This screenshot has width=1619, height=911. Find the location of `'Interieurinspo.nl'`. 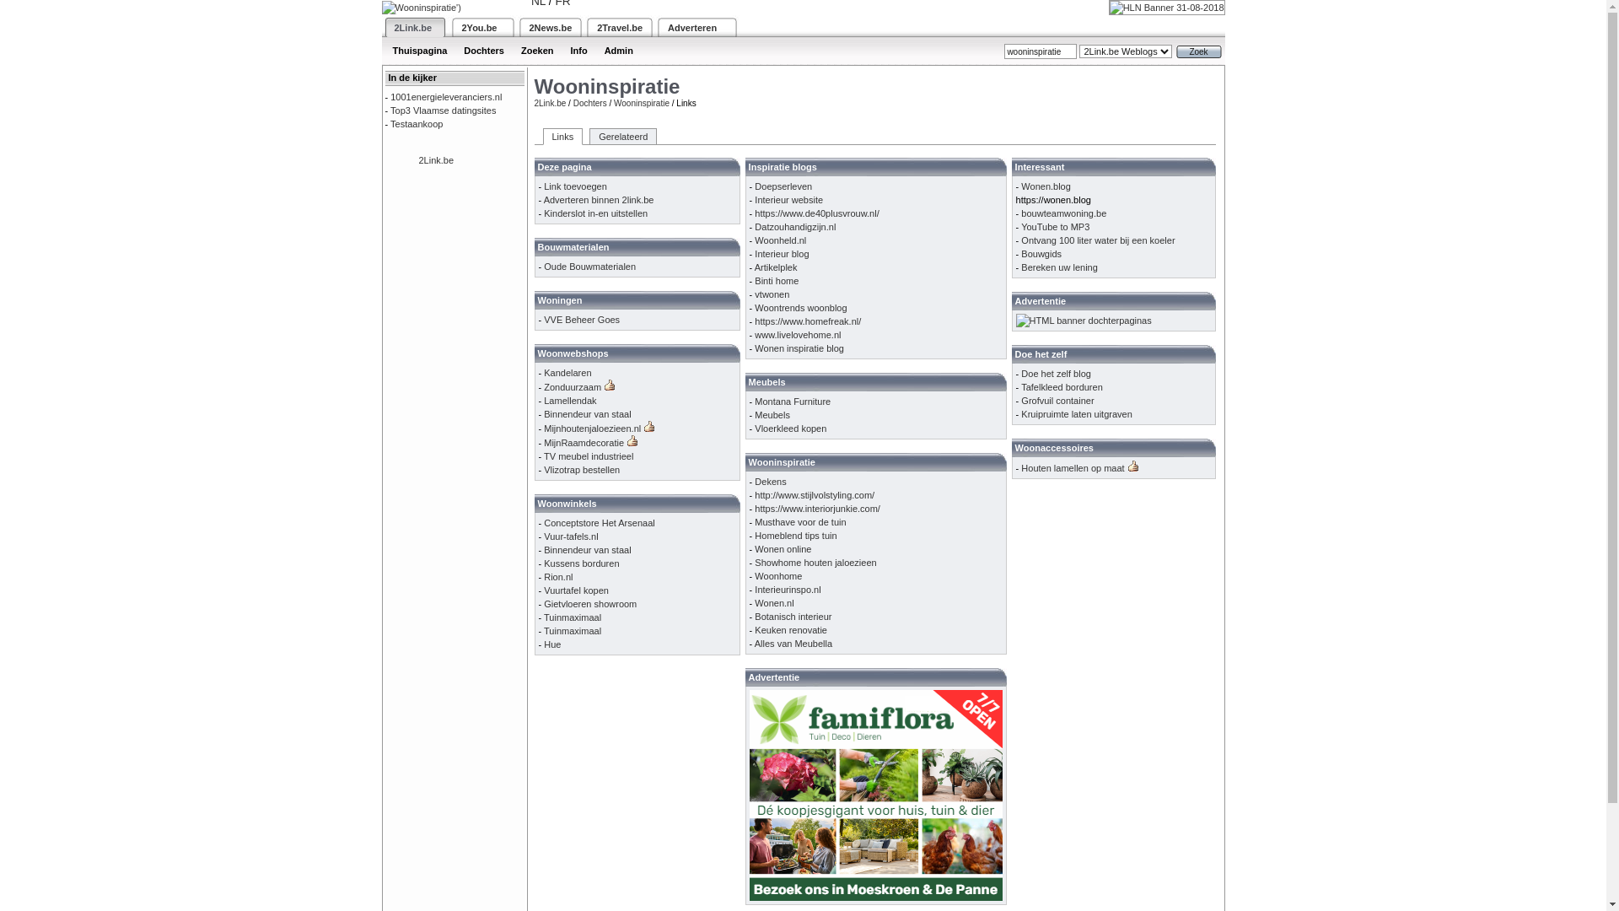

'Interieurinspo.nl' is located at coordinates (787, 588).